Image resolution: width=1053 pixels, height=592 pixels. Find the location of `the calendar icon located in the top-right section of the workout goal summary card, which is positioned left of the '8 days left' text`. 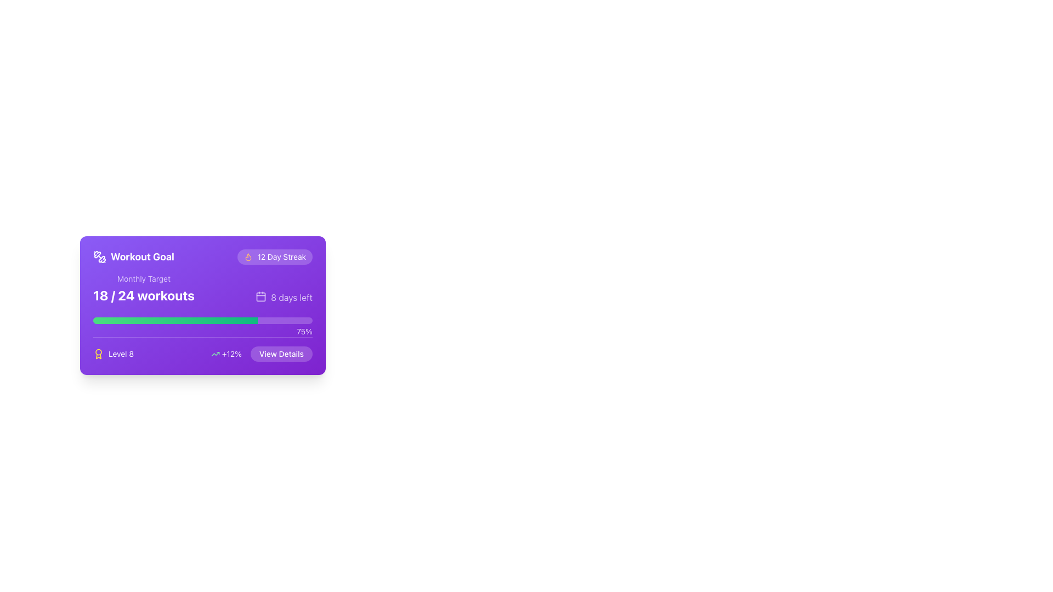

the calendar icon located in the top-right section of the workout goal summary card, which is positioned left of the '8 days left' text is located at coordinates (261, 296).